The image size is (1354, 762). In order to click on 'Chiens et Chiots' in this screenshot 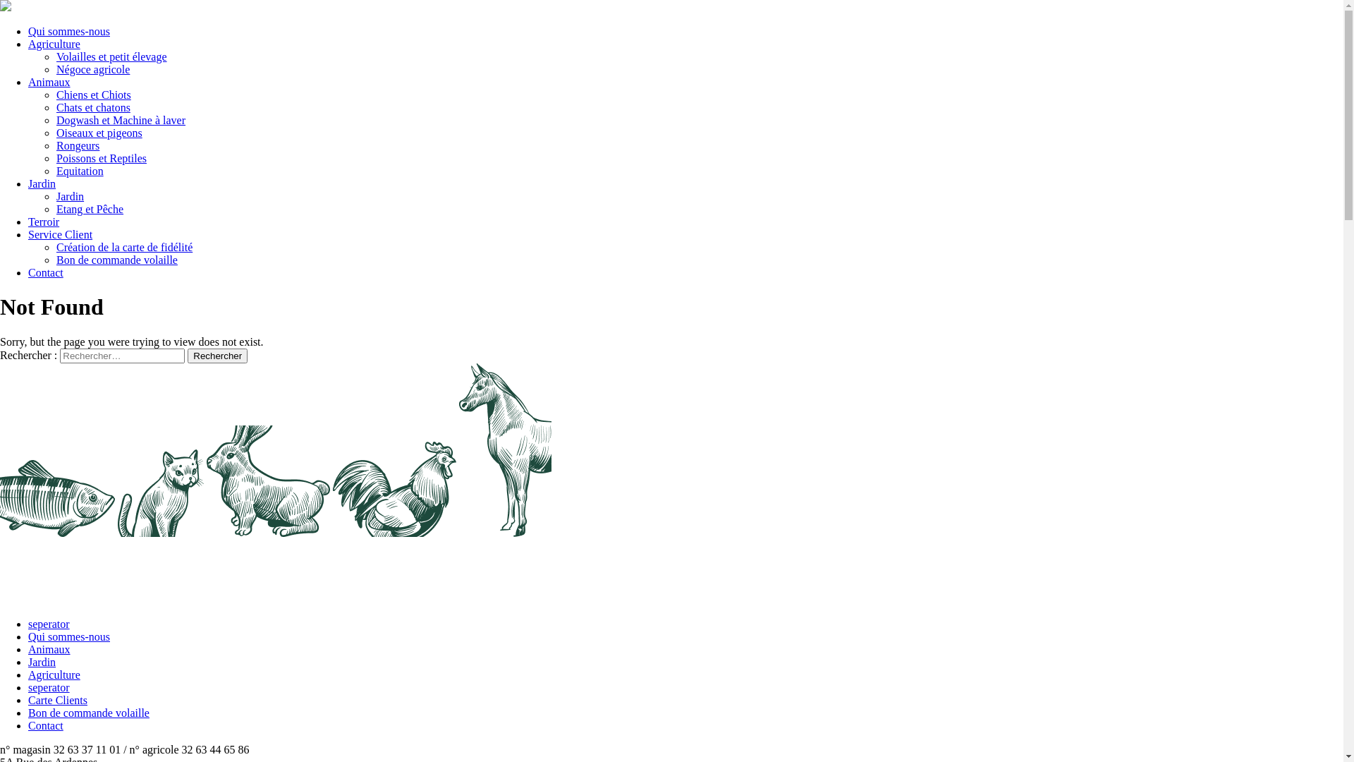, I will do `click(93, 95)`.